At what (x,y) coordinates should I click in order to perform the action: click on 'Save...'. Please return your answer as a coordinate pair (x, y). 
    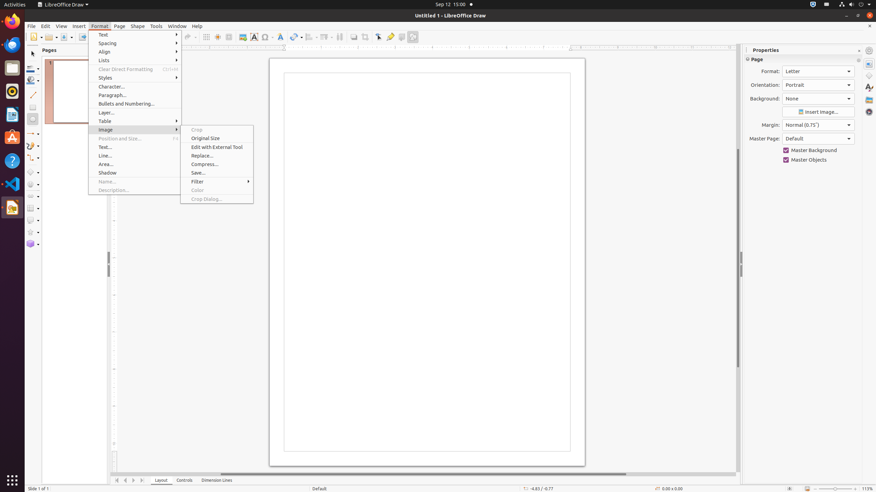
    Looking at the image, I should click on (217, 173).